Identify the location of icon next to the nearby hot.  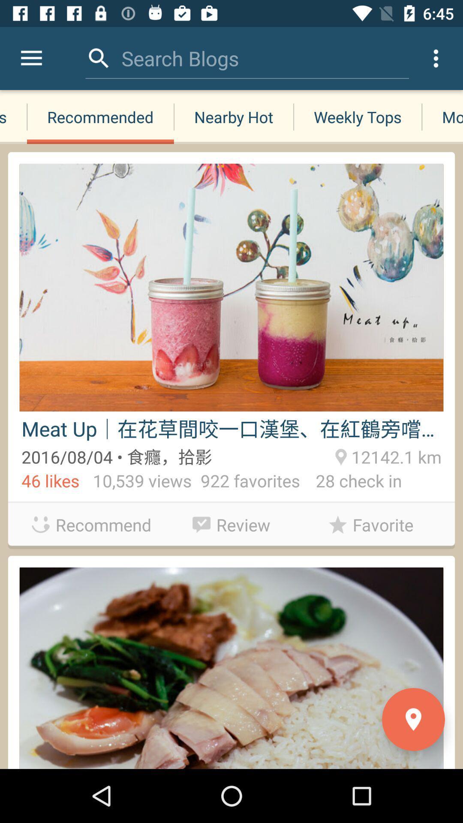
(100, 117).